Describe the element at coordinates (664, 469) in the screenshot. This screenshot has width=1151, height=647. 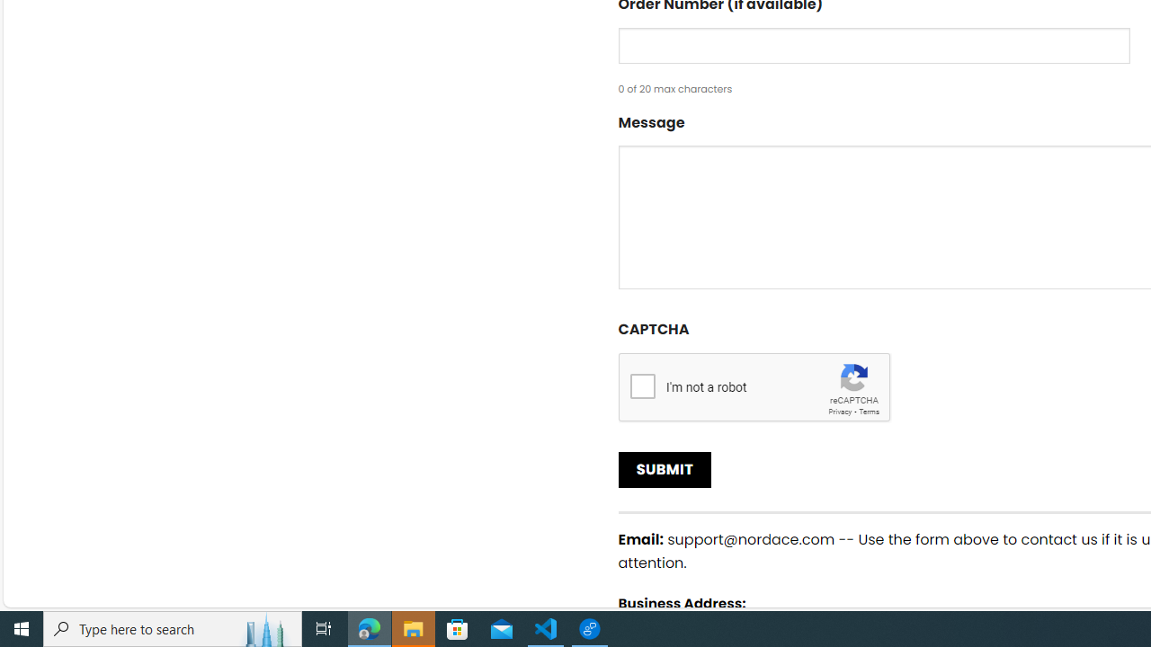
I see `'Submit'` at that location.